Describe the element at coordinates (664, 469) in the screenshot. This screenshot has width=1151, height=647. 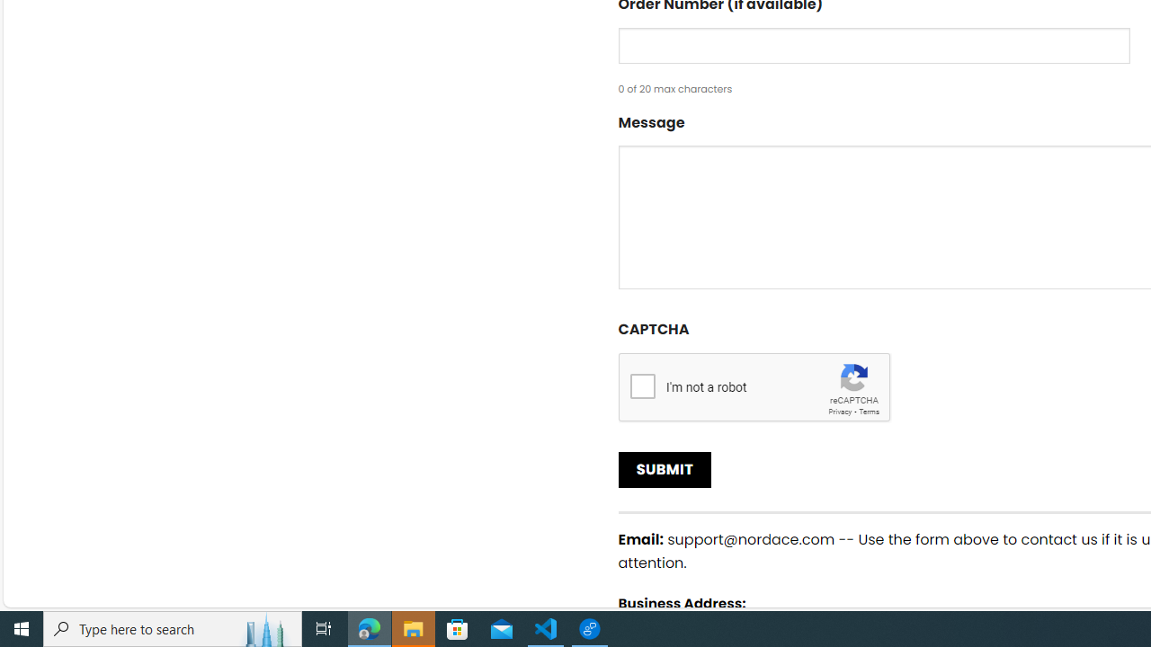
I see `'Submit'` at that location.